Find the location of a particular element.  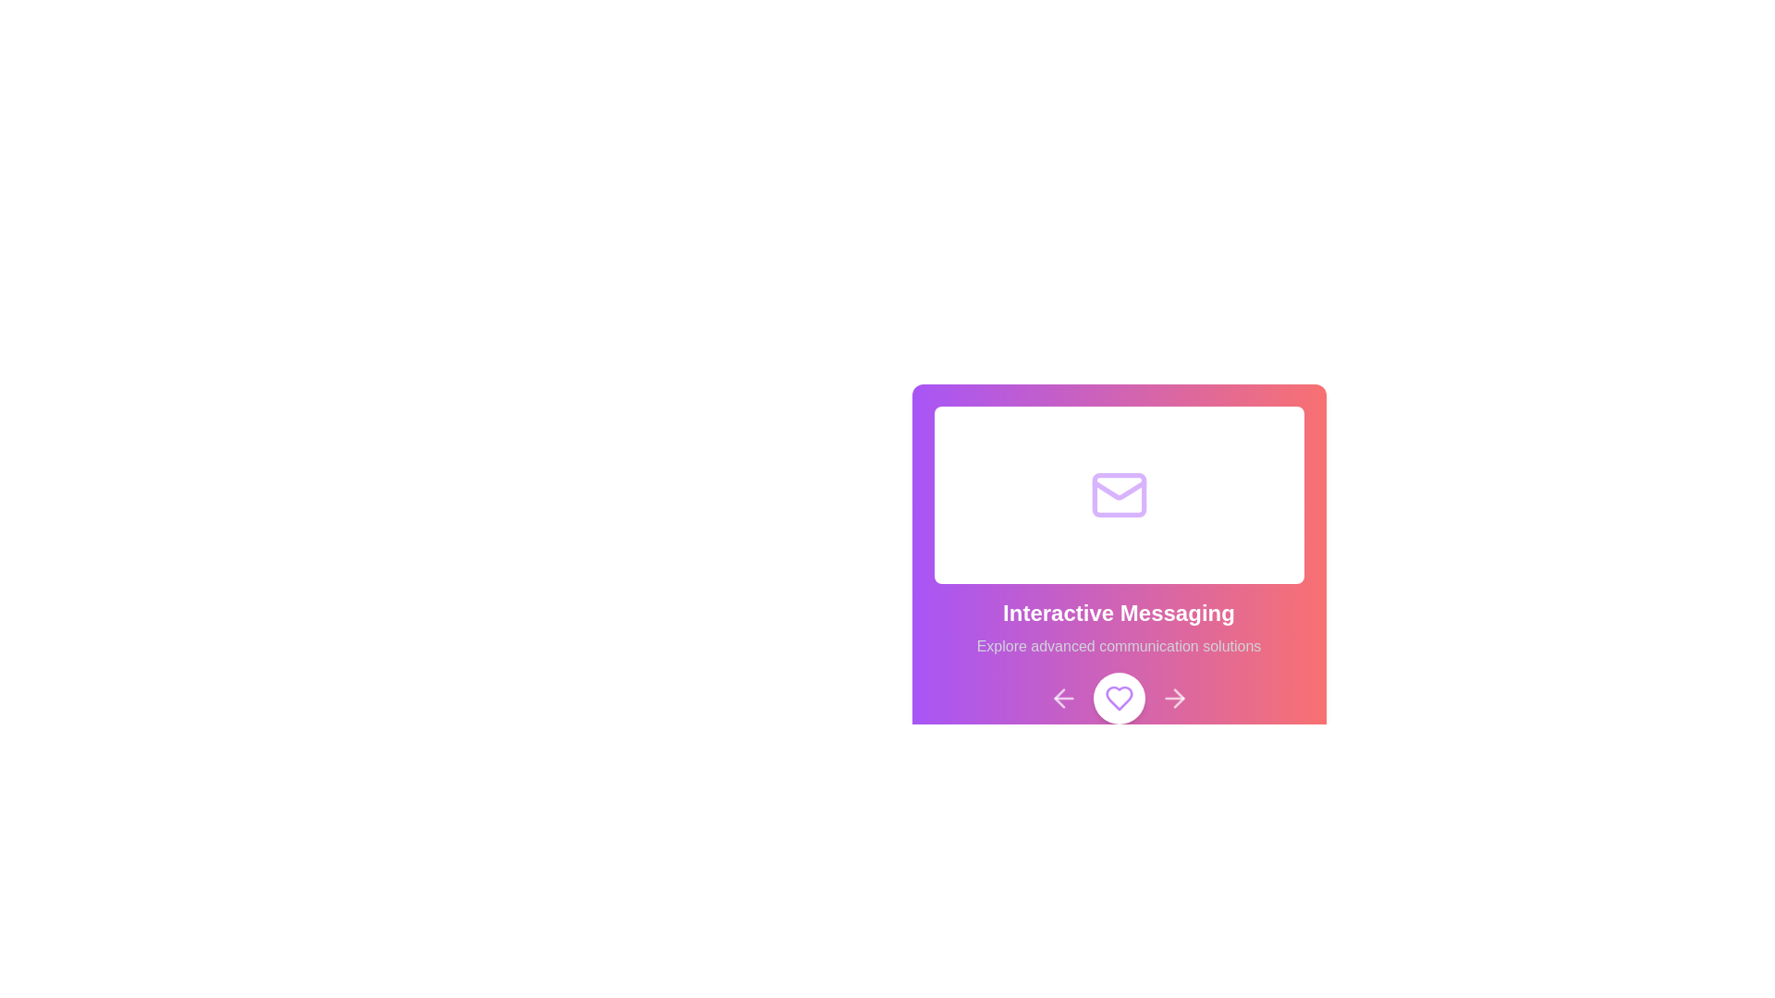

the left-pointing arrow icon located at the bottom left section of the visible card area is located at coordinates (1059, 699).